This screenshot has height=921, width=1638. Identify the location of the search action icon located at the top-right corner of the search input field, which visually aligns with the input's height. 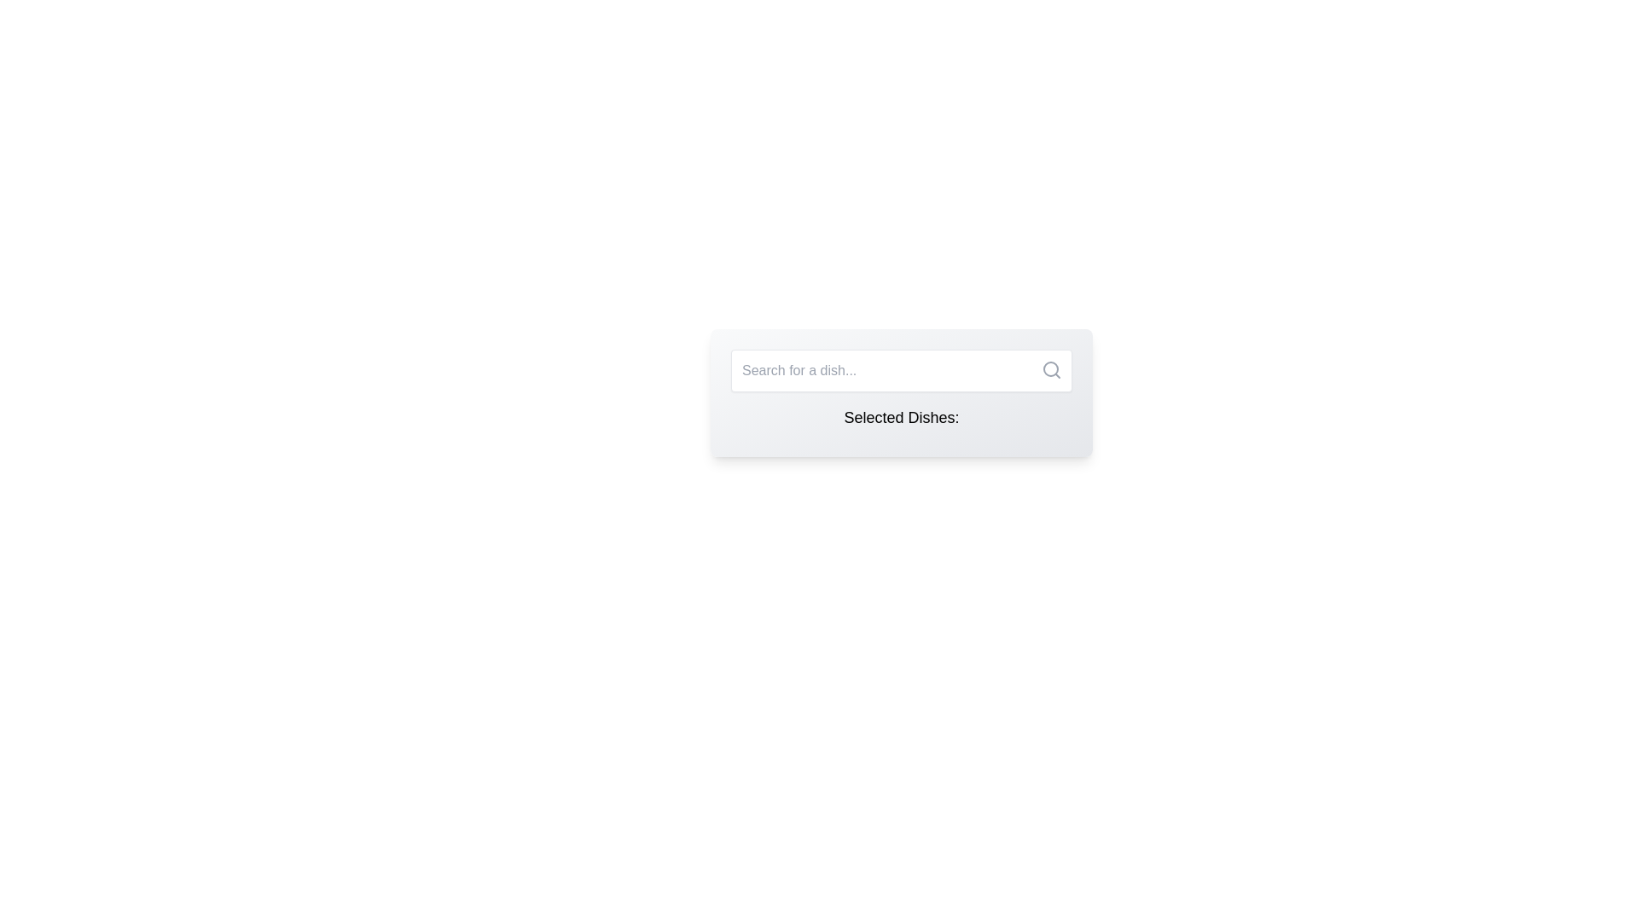
(1051, 369).